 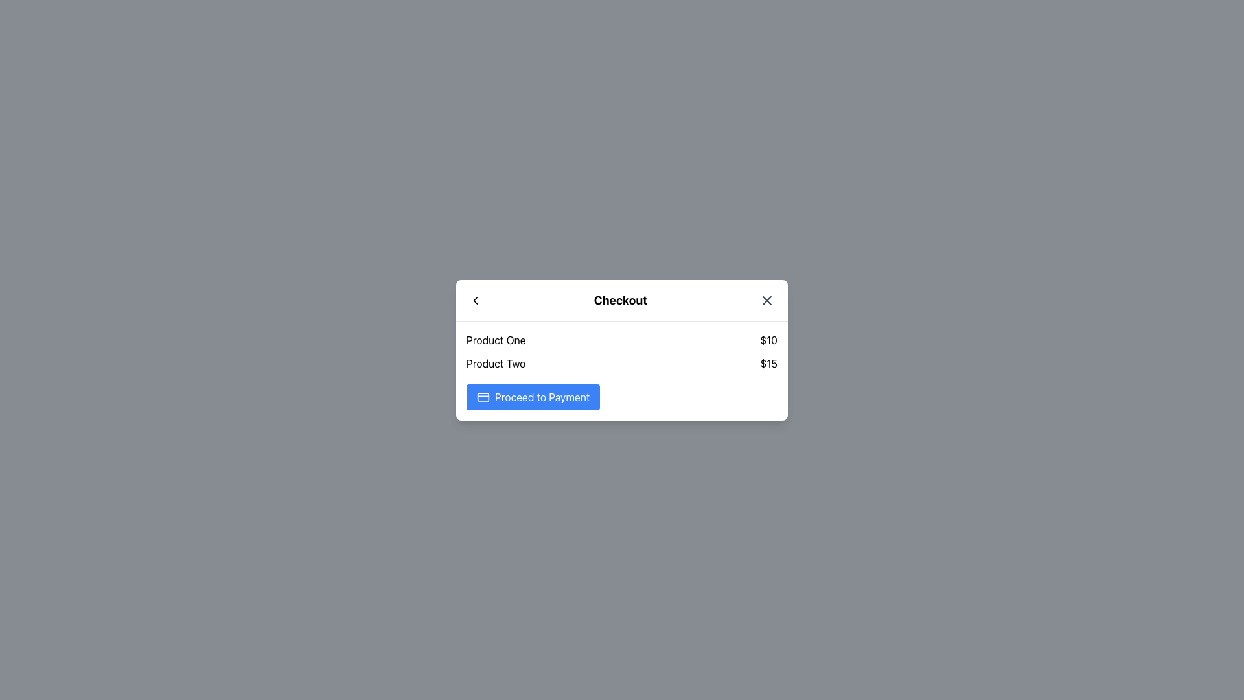 What do you see at coordinates (767, 300) in the screenshot?
I see `the close button located at the top-right corner of the popup modal, adjacent to the title 'Checkout'` at bounding box center [767, 300].